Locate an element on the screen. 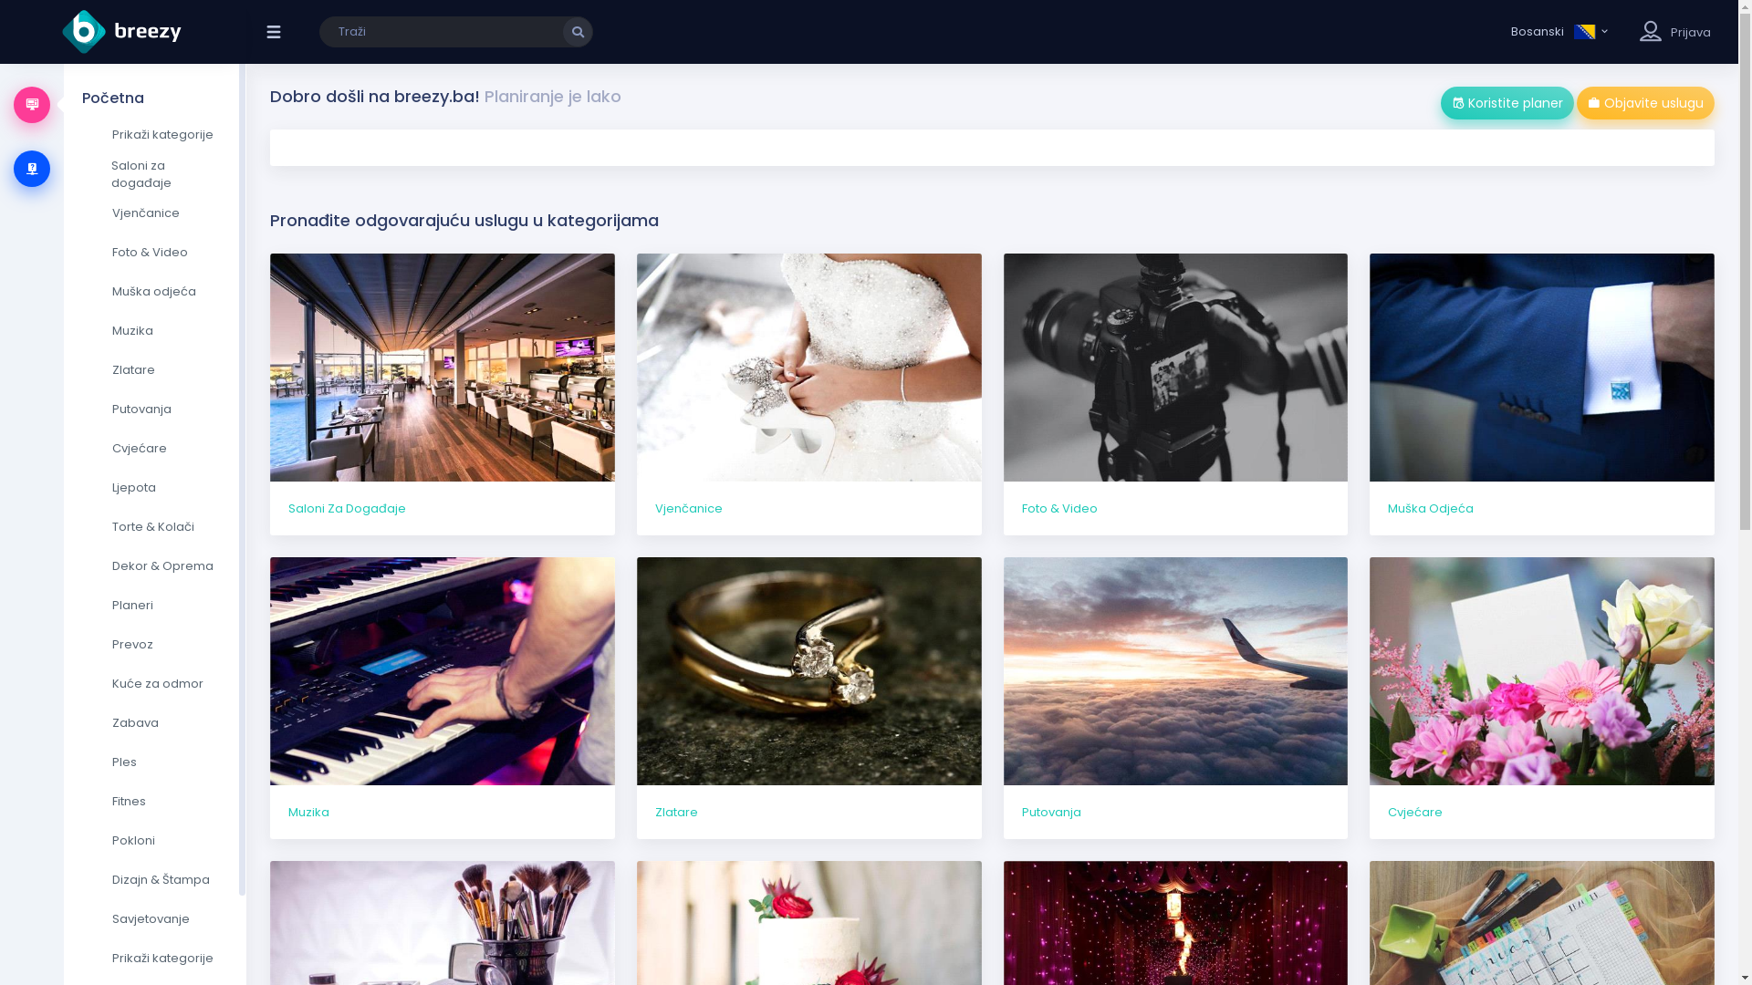 This screenshot has width=1752, height=985. 'Dekor & Oprema' is located at coordinates (81, 565).